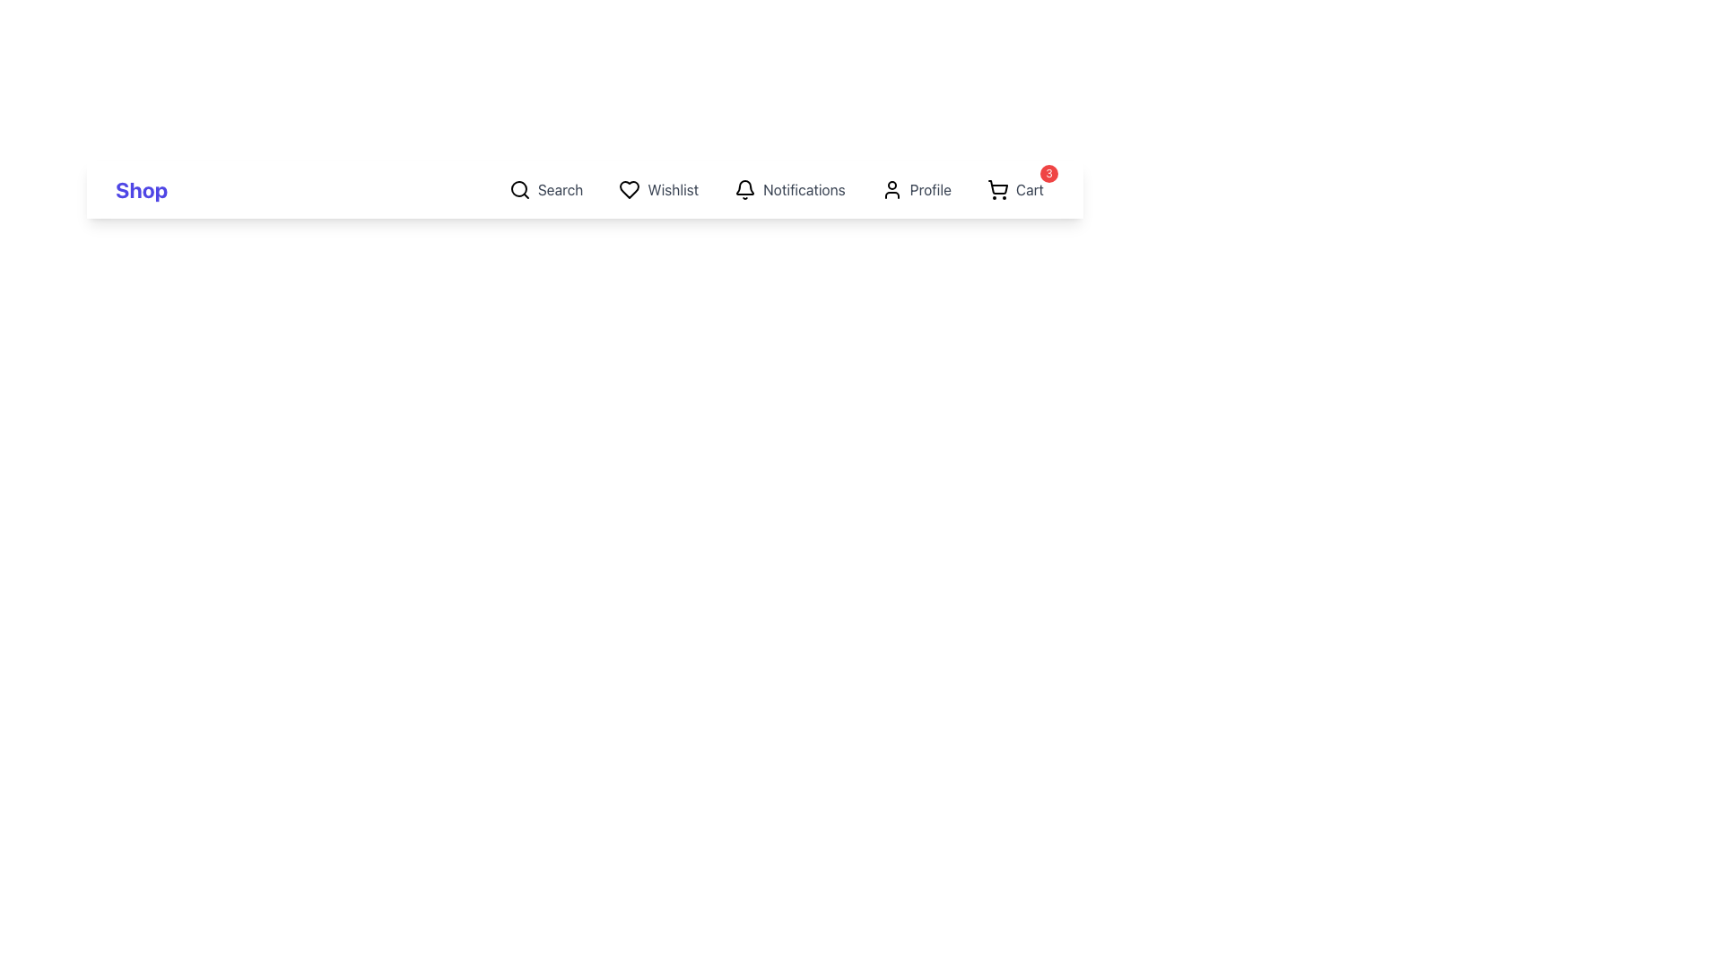 The width and height of the screenshot is (1722, 968). Describe the element at coordinates (1049, 173) in the screenshot. I see `the small circular badge with a red background and white text displaying the number '3', located at the top-right corner of the cart icon in the navigation bar` at that location.